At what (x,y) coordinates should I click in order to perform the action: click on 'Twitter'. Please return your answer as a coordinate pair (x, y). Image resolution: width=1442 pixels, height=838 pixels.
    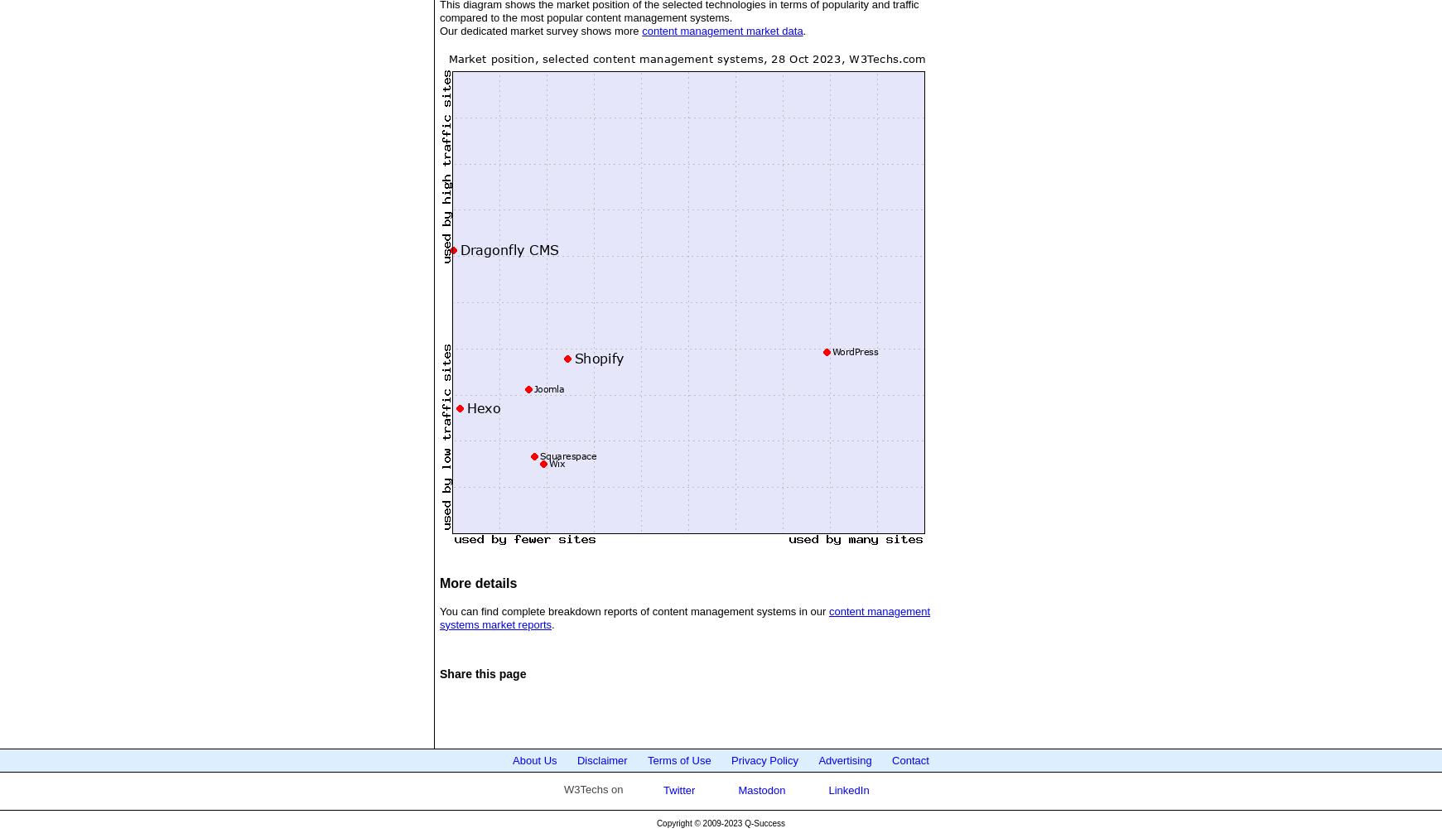
    Looking at the image, I should click on (676, 789).